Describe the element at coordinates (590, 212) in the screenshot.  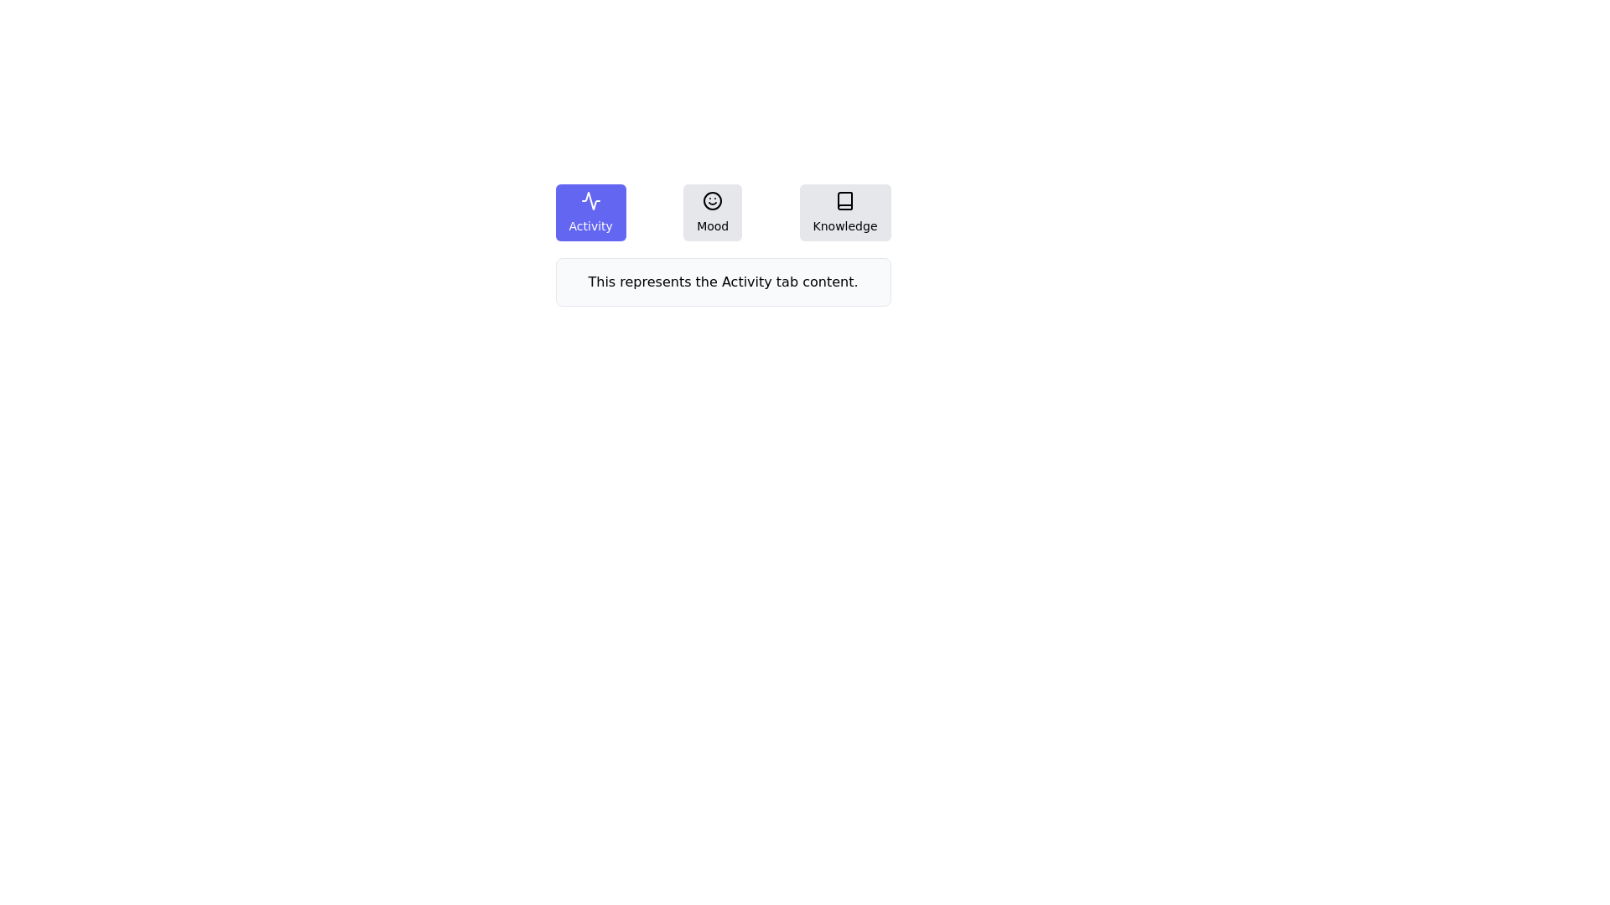
I see `the button on the leftmost side of the row` at that location.